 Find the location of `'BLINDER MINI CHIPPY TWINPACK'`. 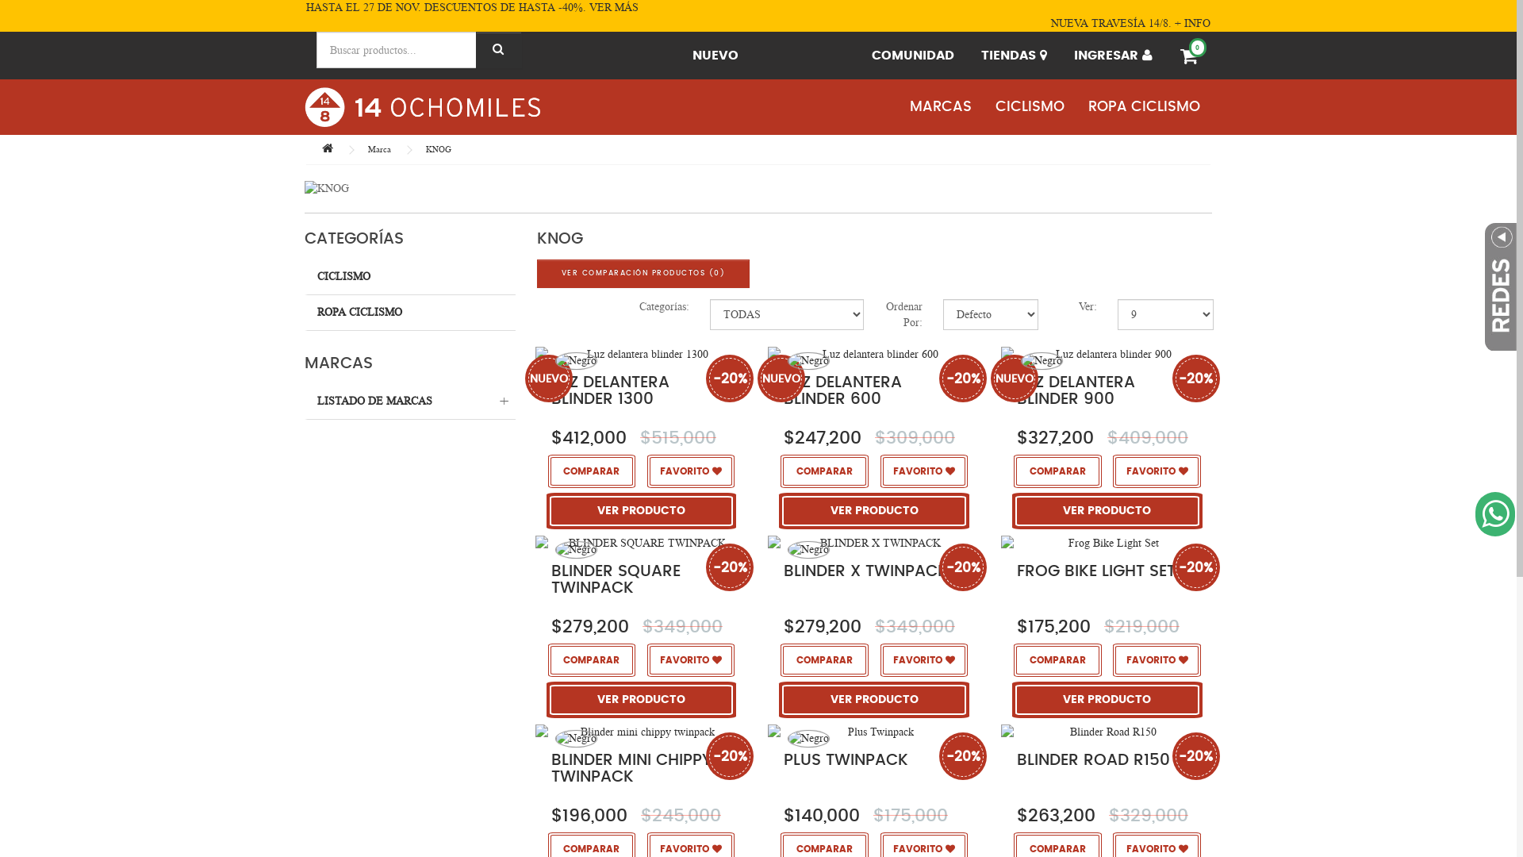

'BLINDER MINI CHIPPY TWINPACK' is located at coordinates (631, 767).